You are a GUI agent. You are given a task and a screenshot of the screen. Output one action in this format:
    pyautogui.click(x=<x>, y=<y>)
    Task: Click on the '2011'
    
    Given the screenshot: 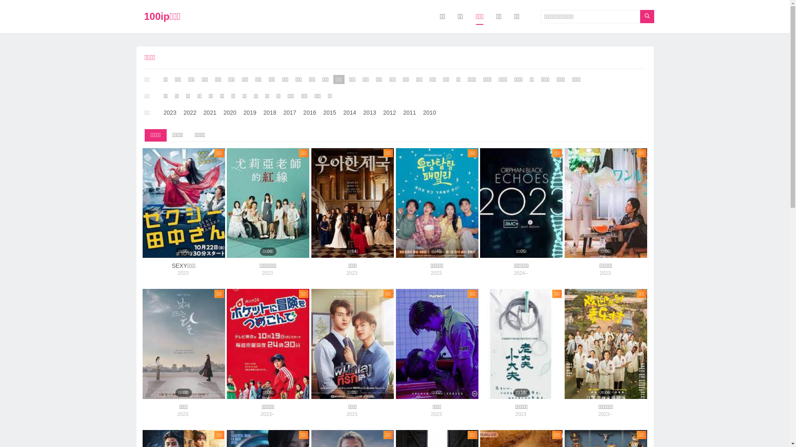 What is the action you would take?
    pyautogui.click(x=409, y=113)
    